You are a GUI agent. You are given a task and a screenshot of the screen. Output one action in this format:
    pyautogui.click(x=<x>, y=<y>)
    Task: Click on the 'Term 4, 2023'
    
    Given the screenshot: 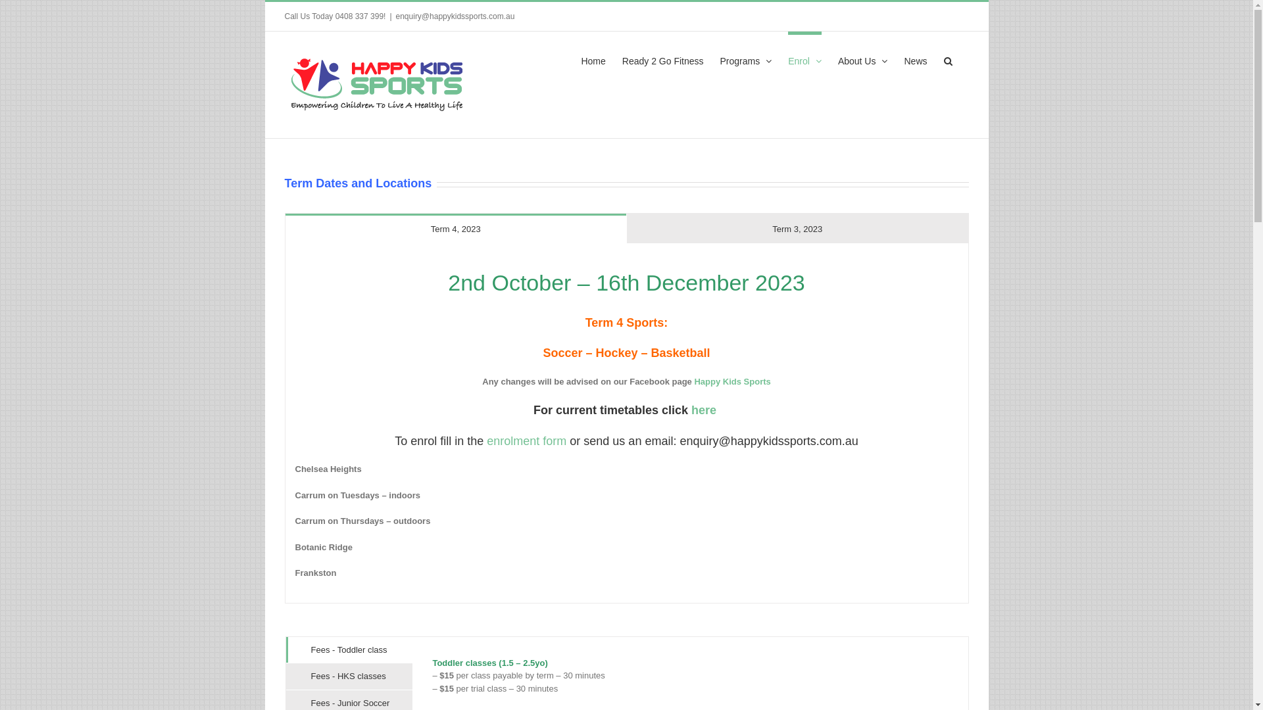 What is the action you would take?
    pyautogui.click(x=456, y=227)
    